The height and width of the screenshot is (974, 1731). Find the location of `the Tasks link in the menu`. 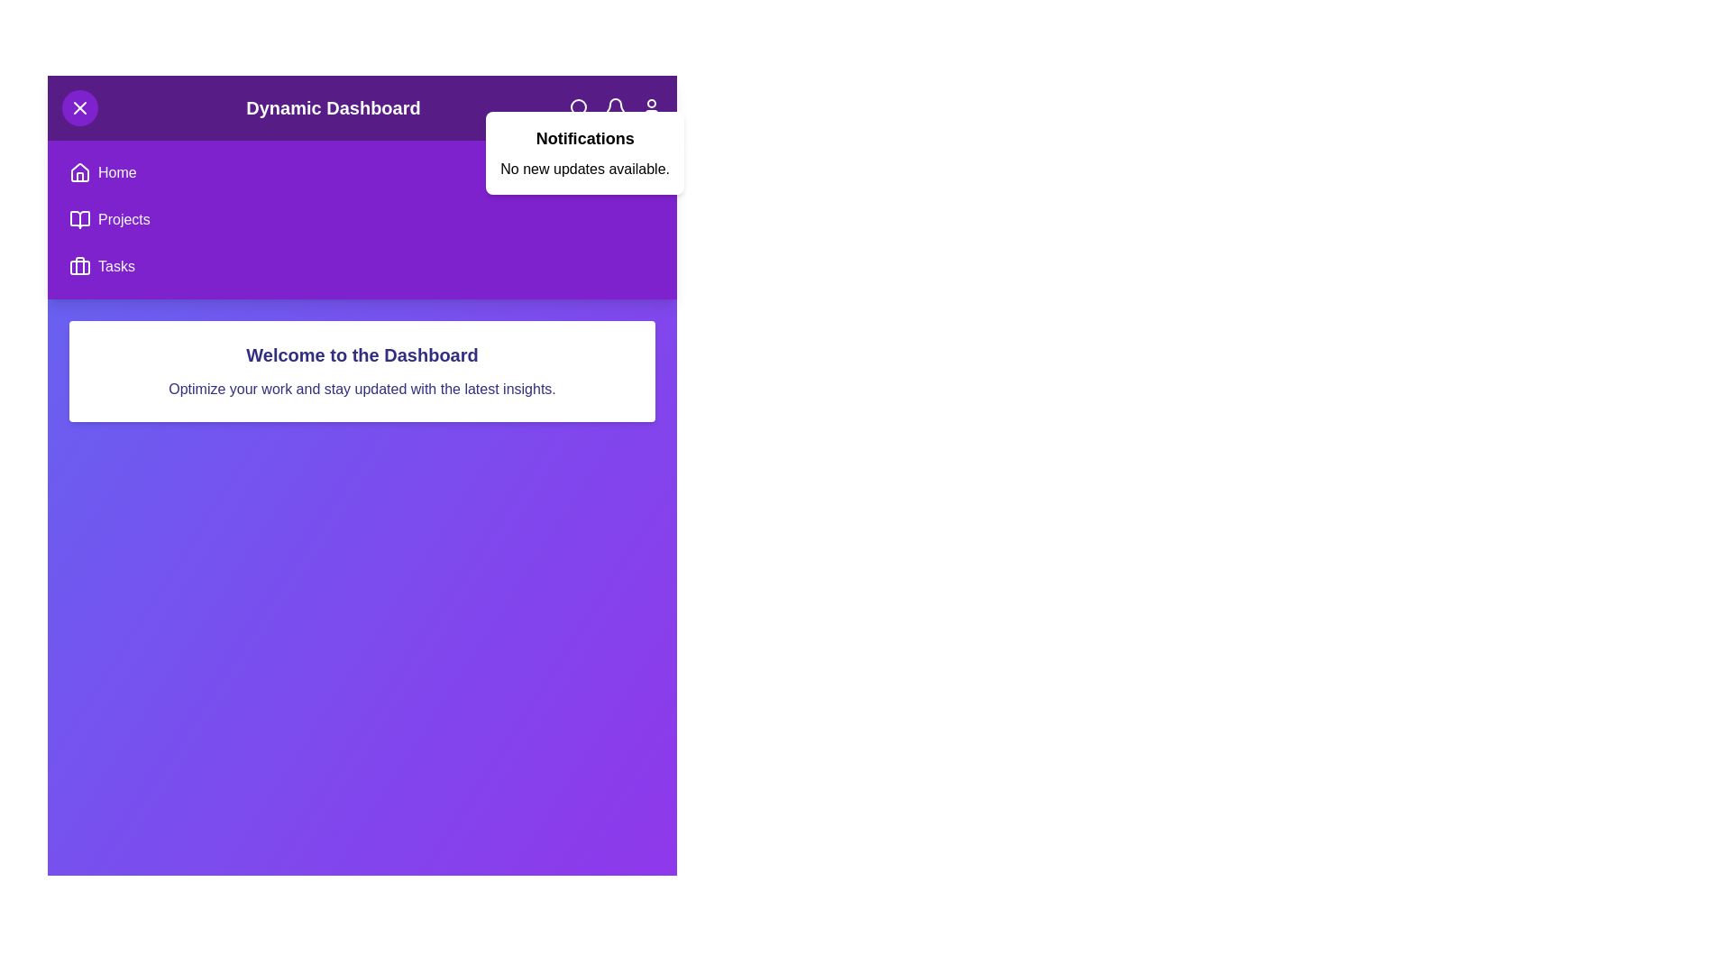

the Tasks link in the menu is located at coordinates (115, 267).